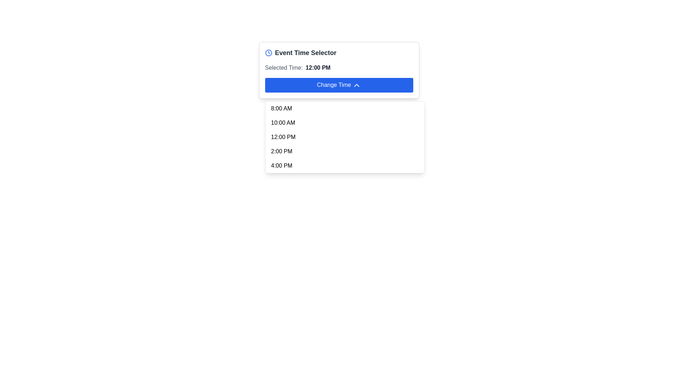 This screenshot has width=687, height=386. Describe the element at coordinates (268, 52) in the screenshot. I see `the time icon located to the left of the 'Event Time Selector' title text` at that location.